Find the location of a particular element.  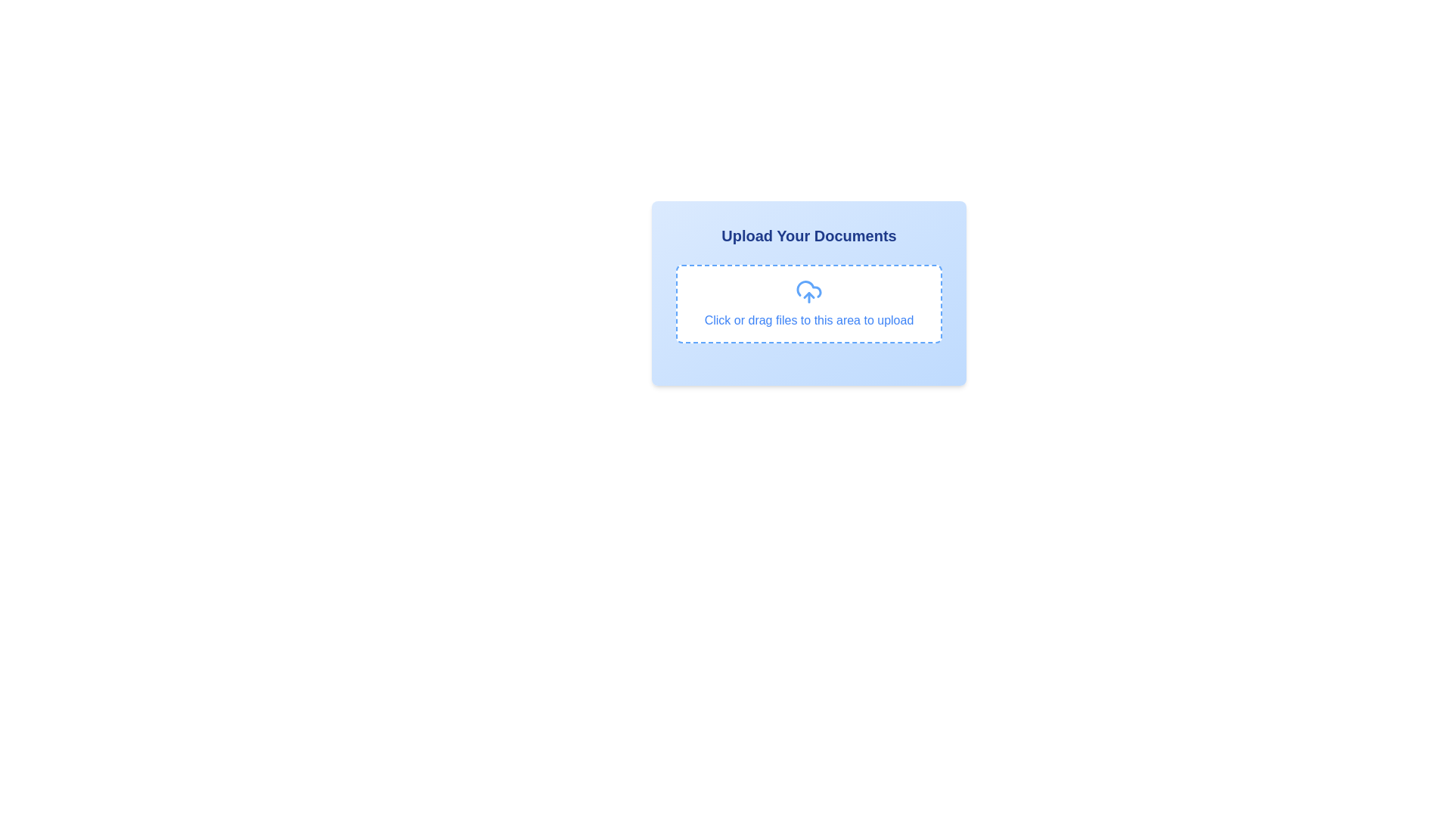

files into the file upload area, which is a light blue box with rounded corners, containing the text 'Click or drag files is located at coordinates (808, 294).